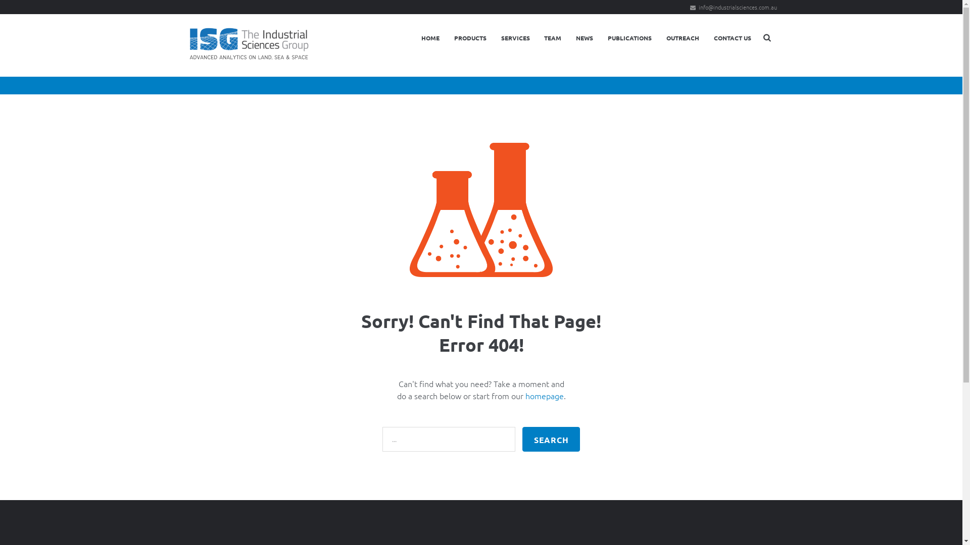 This screenshot has height=545, width=970. Describe the element at coordinates (469, 37) in the screenshot. I see `'PRODUCTS'` at that location.